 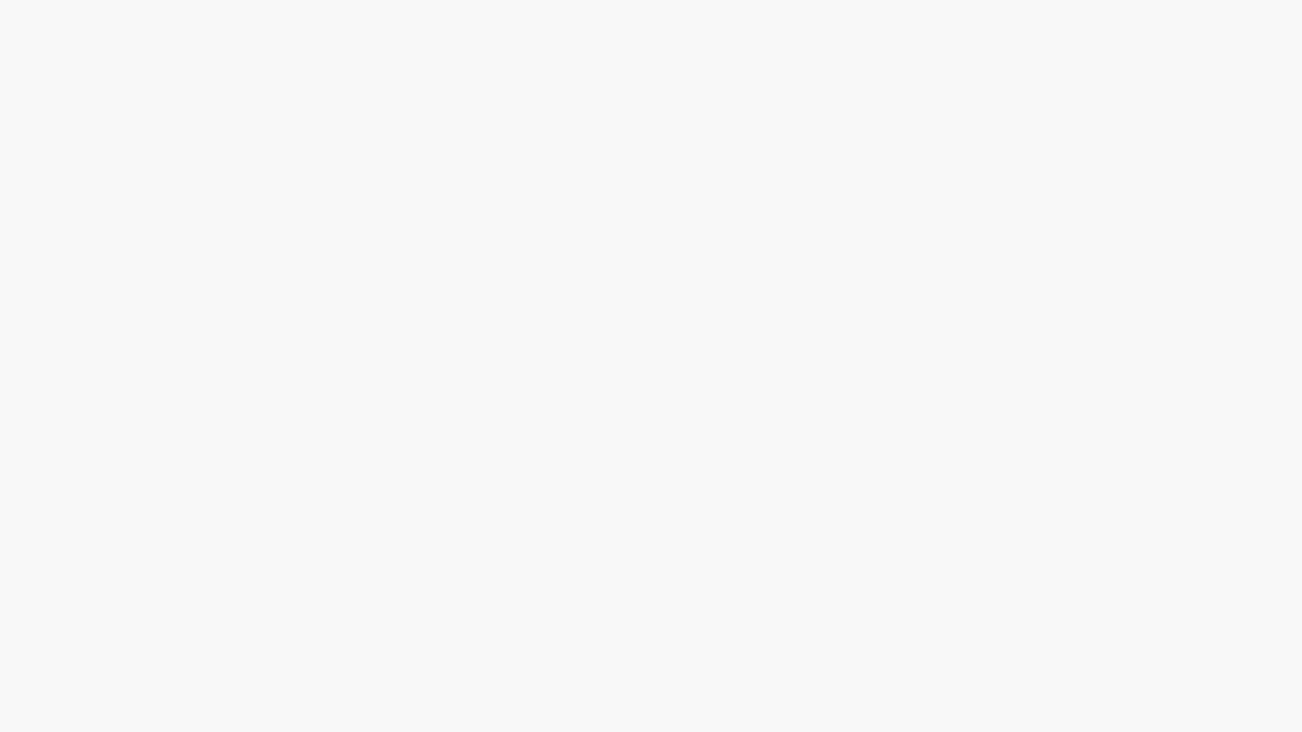 I want to click on Botao Compartilhar, so click(x=16, y=384).